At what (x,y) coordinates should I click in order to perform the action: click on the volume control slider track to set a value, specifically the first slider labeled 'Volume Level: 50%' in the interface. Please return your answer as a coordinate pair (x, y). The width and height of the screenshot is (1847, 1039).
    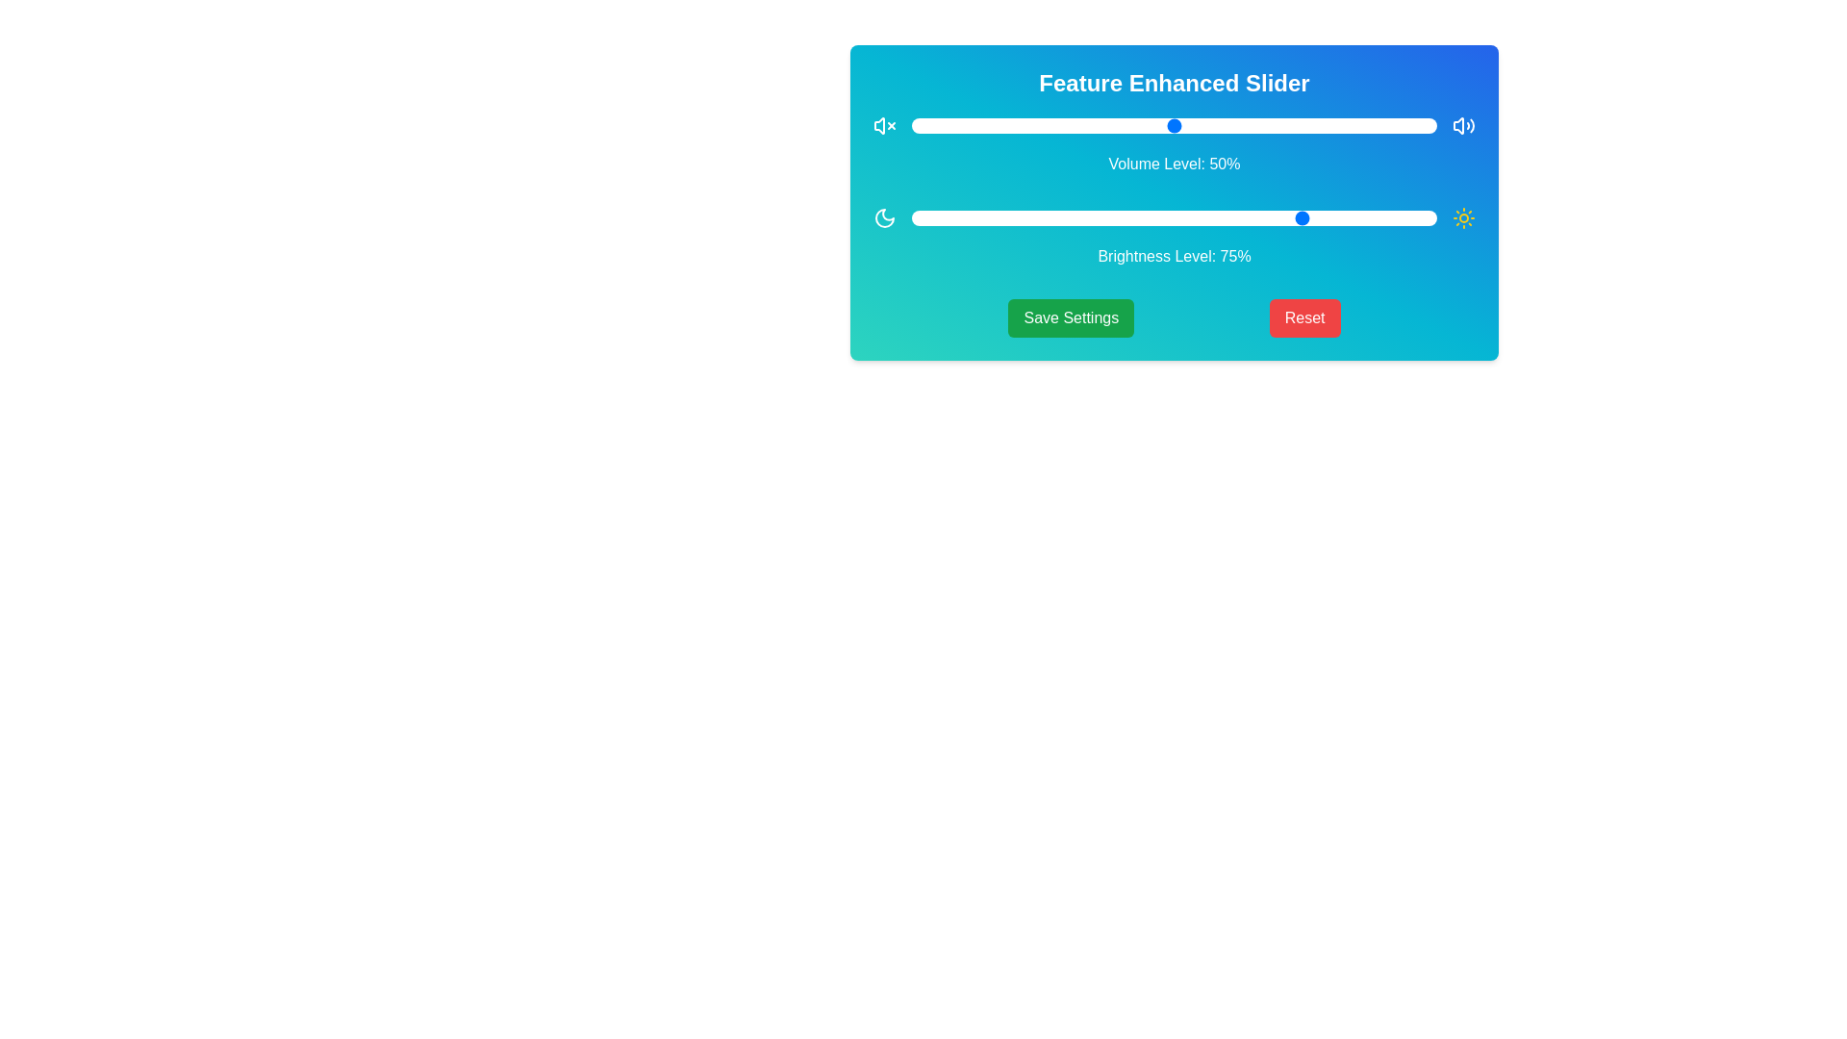
    Looking at the image, I should click on (1173, 126).